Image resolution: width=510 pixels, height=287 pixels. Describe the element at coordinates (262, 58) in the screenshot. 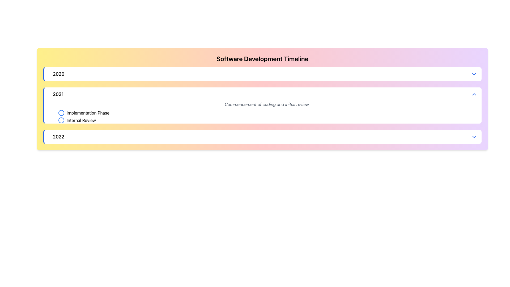

I see `the Text heading located at the top-most section of the interface, which serves as a title providing context for the content below` at that location.